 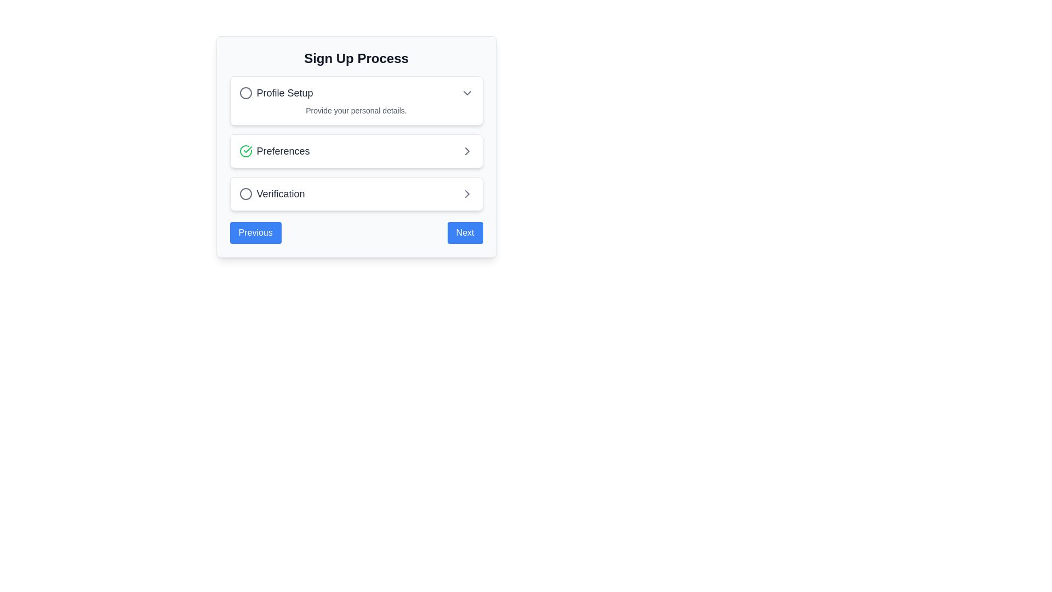 What do you see at coordinates (272, 193) in the screenshot?
I see `the 'Verification' step in the sign-up process, which is the third item in the vertical list with a right chevron icon` at bounding box center [272, 193].